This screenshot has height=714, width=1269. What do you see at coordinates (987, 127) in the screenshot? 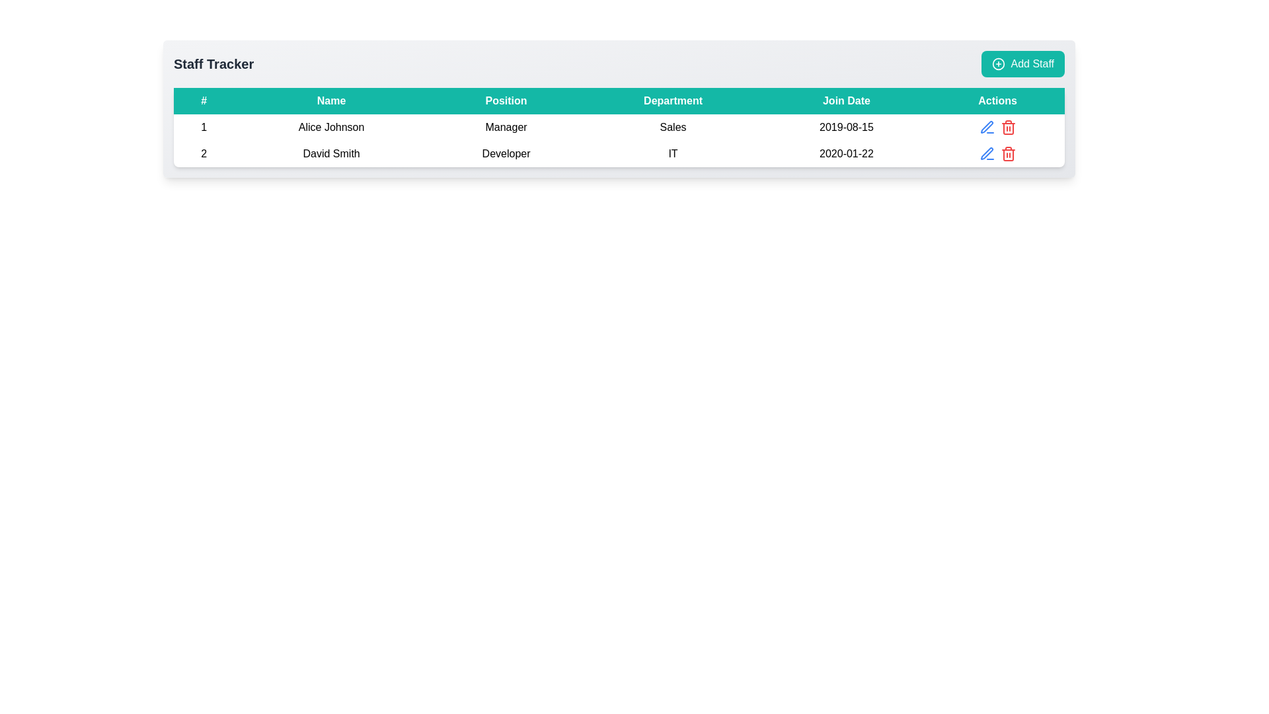
I see `the edit button icon located in the 'Actions' column of the second row in the table` at bounding box center [987, 127].